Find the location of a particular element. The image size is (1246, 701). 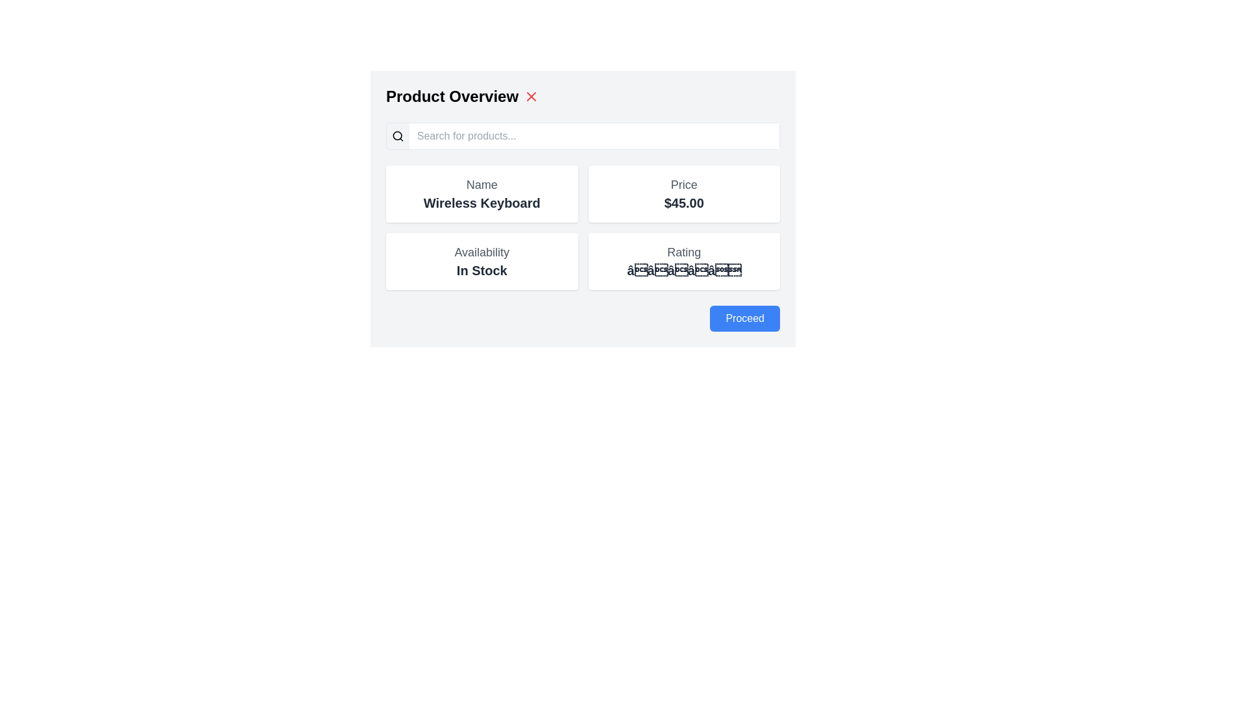

the Text Display element that shows 'Name' and 'Wireless Keyboard', which is located in the first column of a grid layout, above 'Availability: In Stock' and to the left of the 'Price: $45.00' is located at coordinates (481, 194).